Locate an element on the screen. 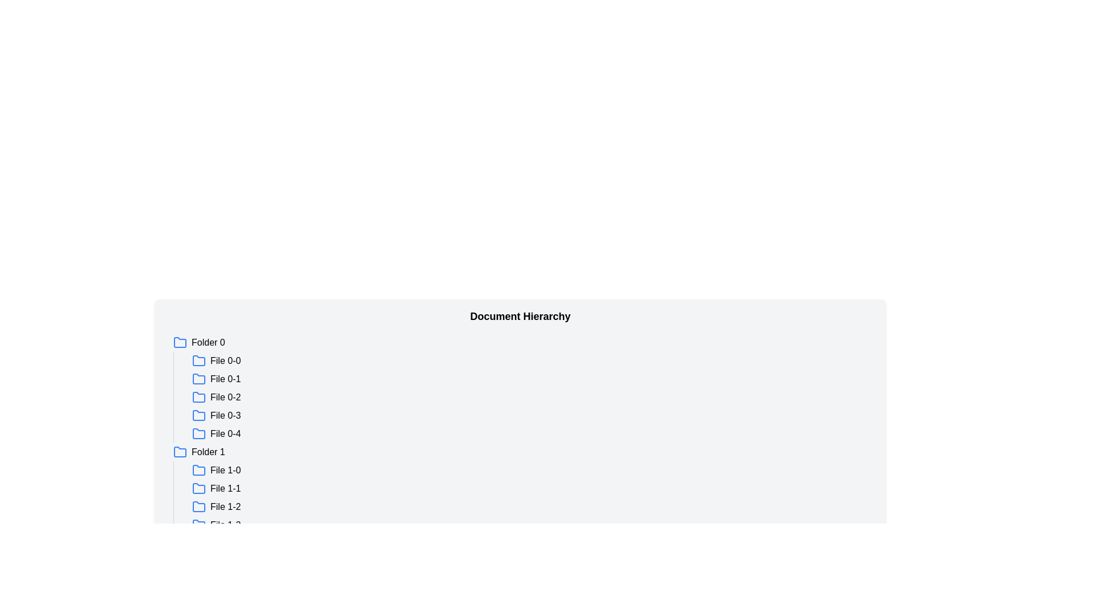  the text label displaying 'File 0-1' is located at coordinates (225, 379).